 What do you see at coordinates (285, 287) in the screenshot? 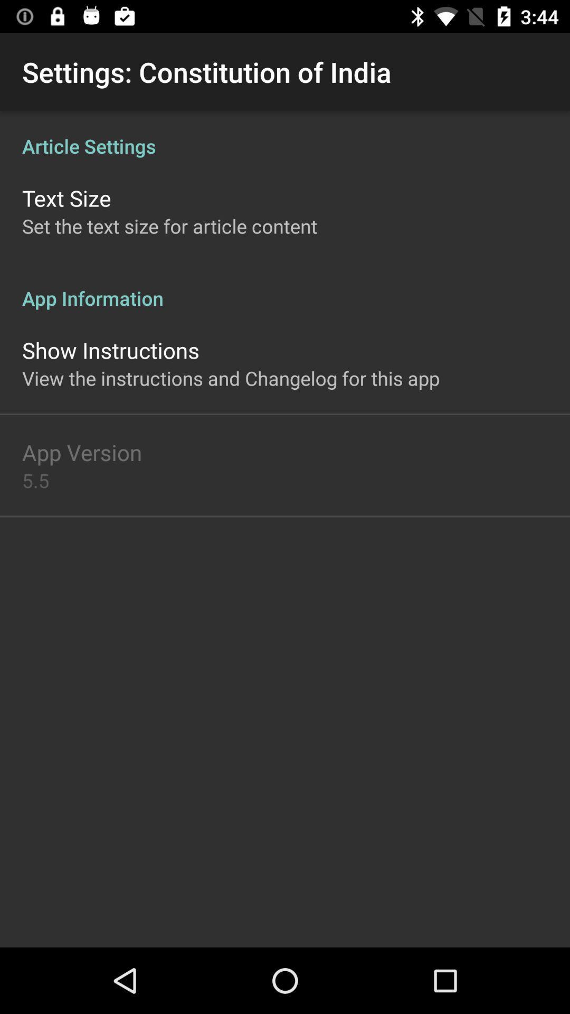
I see `app above show instructions app` at bounding box center [285, 287].